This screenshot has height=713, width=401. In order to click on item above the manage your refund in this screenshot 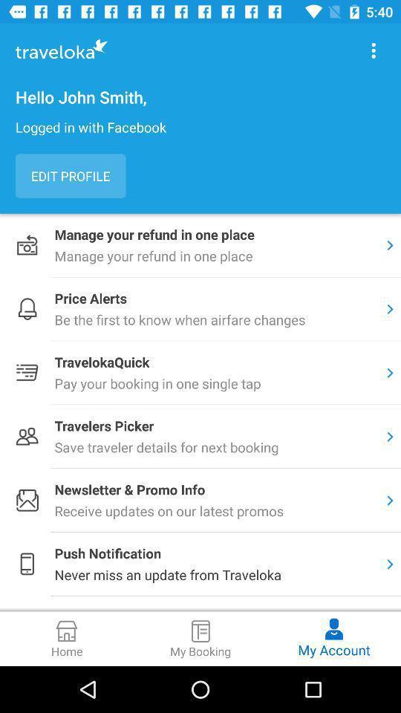, I will do `click(70, 176)`.